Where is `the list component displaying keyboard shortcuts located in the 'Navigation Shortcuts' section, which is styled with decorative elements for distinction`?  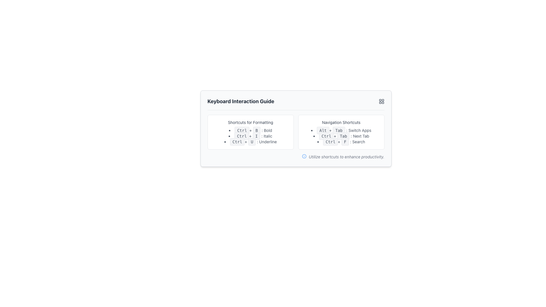 the list component displaying keyboard shortcuts located in the 'Navigation Shortcuts' section, which is styled with decorative elements for distinction is located at coordinates (341, 136).